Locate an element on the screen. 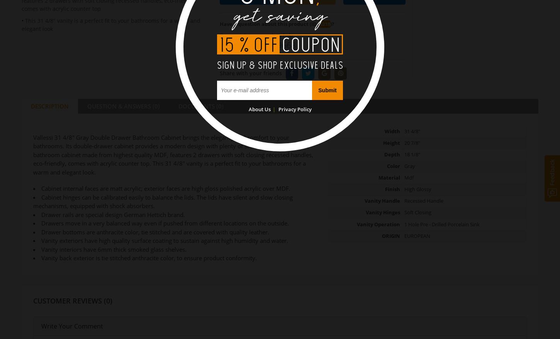 The height and width of the screenshot is (339, 560). 'DESCRIPTION' is located at coordinates (49, 105).